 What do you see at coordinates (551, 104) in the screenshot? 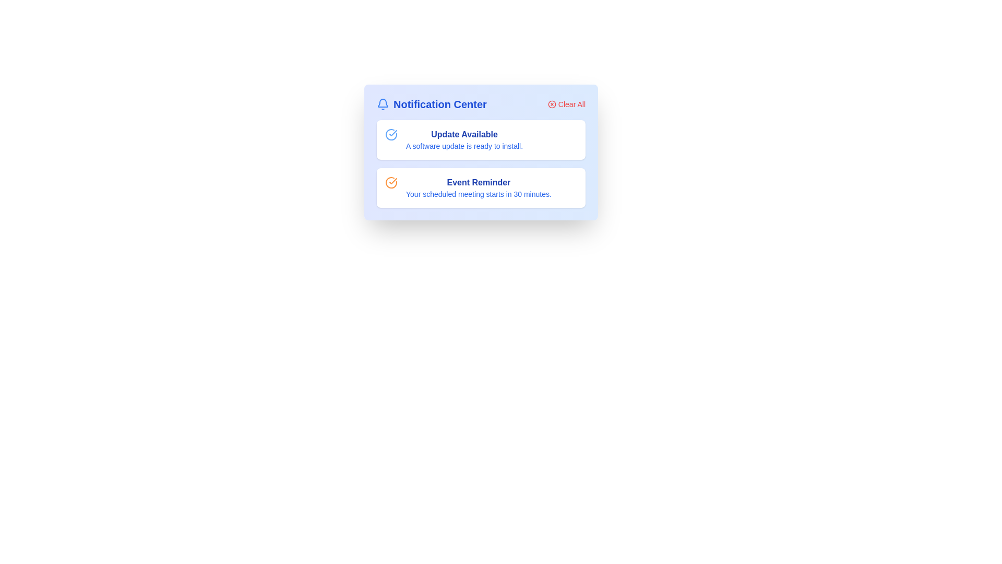
I see `the 'Clear All' icon, which is a circular outline with a diagonal cross ('X') inside, located in the top-right corner of the notification center box` at bounding box center [551, 104].